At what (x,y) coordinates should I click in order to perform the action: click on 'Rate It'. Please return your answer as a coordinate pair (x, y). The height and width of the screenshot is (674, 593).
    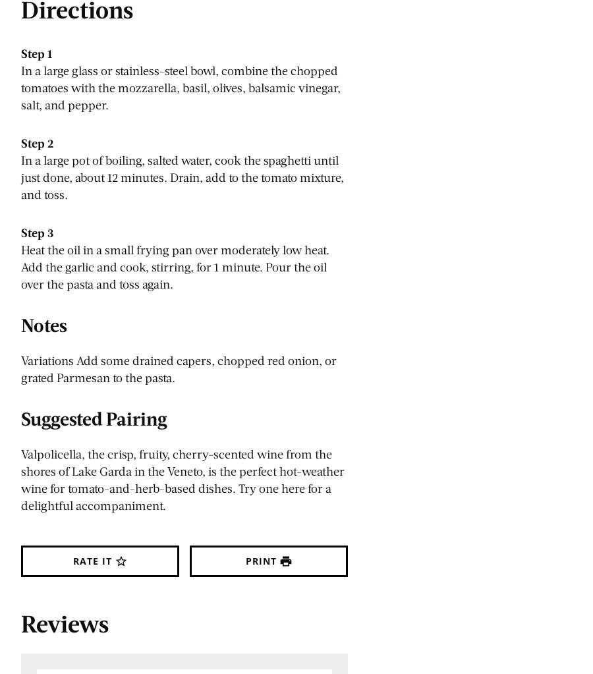
    Looking at the image, I should click on (92, 560).